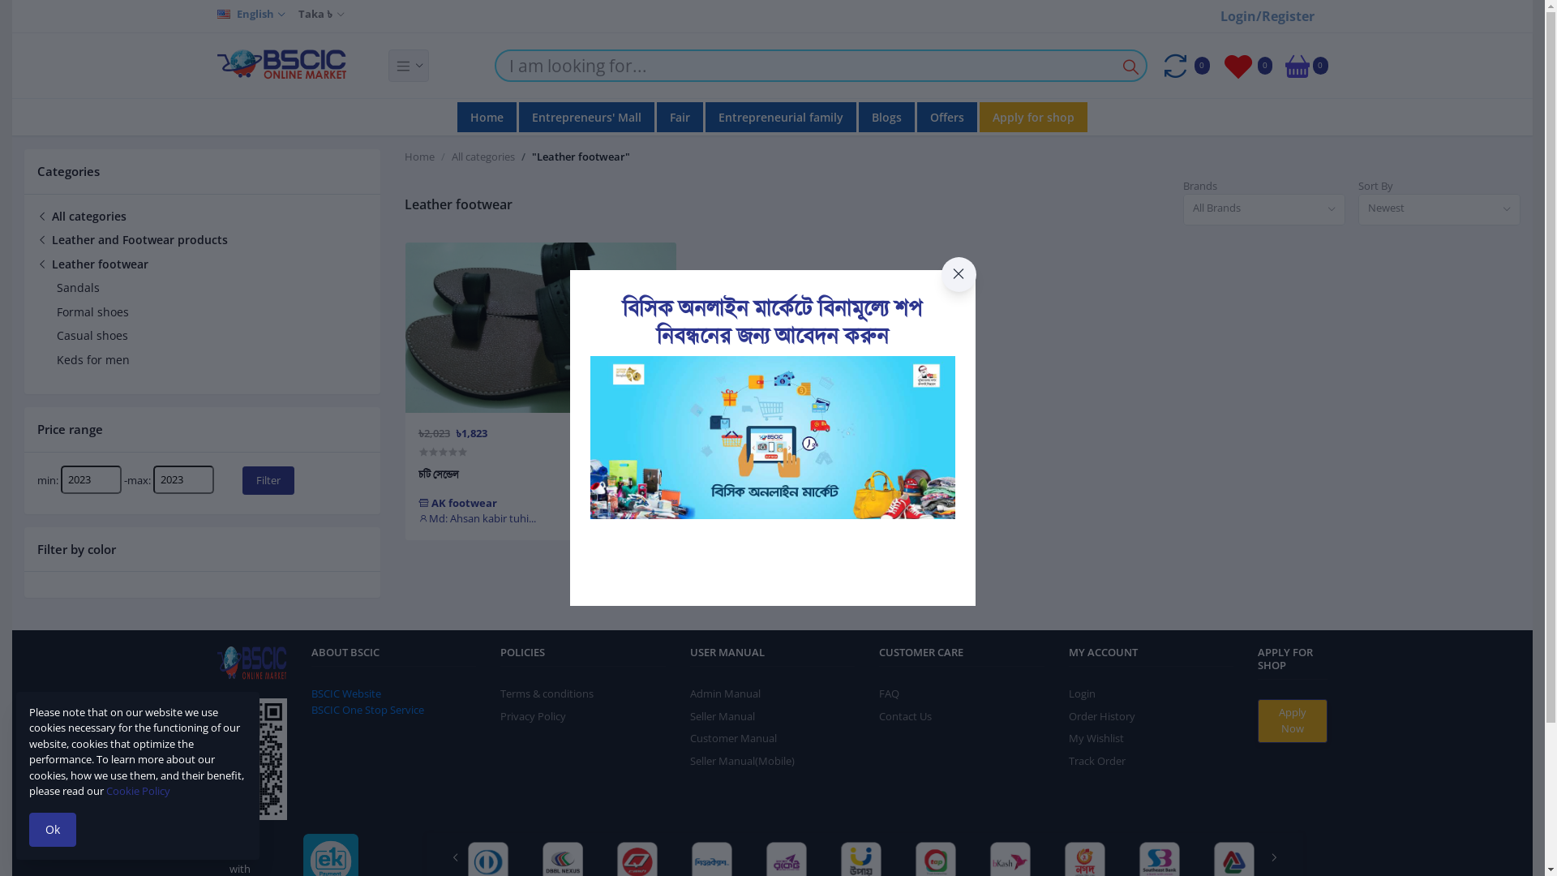  I want to click on 'Sandals', so click(57, 286).